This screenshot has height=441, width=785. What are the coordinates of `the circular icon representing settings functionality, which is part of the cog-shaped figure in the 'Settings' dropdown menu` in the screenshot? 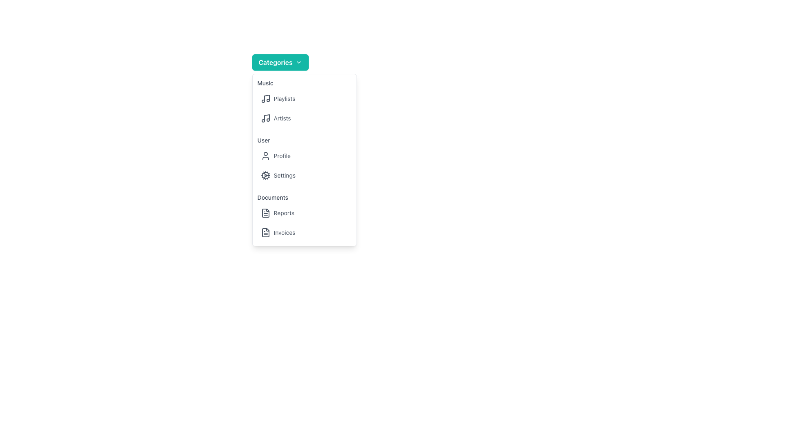 It's located at (265, 175).